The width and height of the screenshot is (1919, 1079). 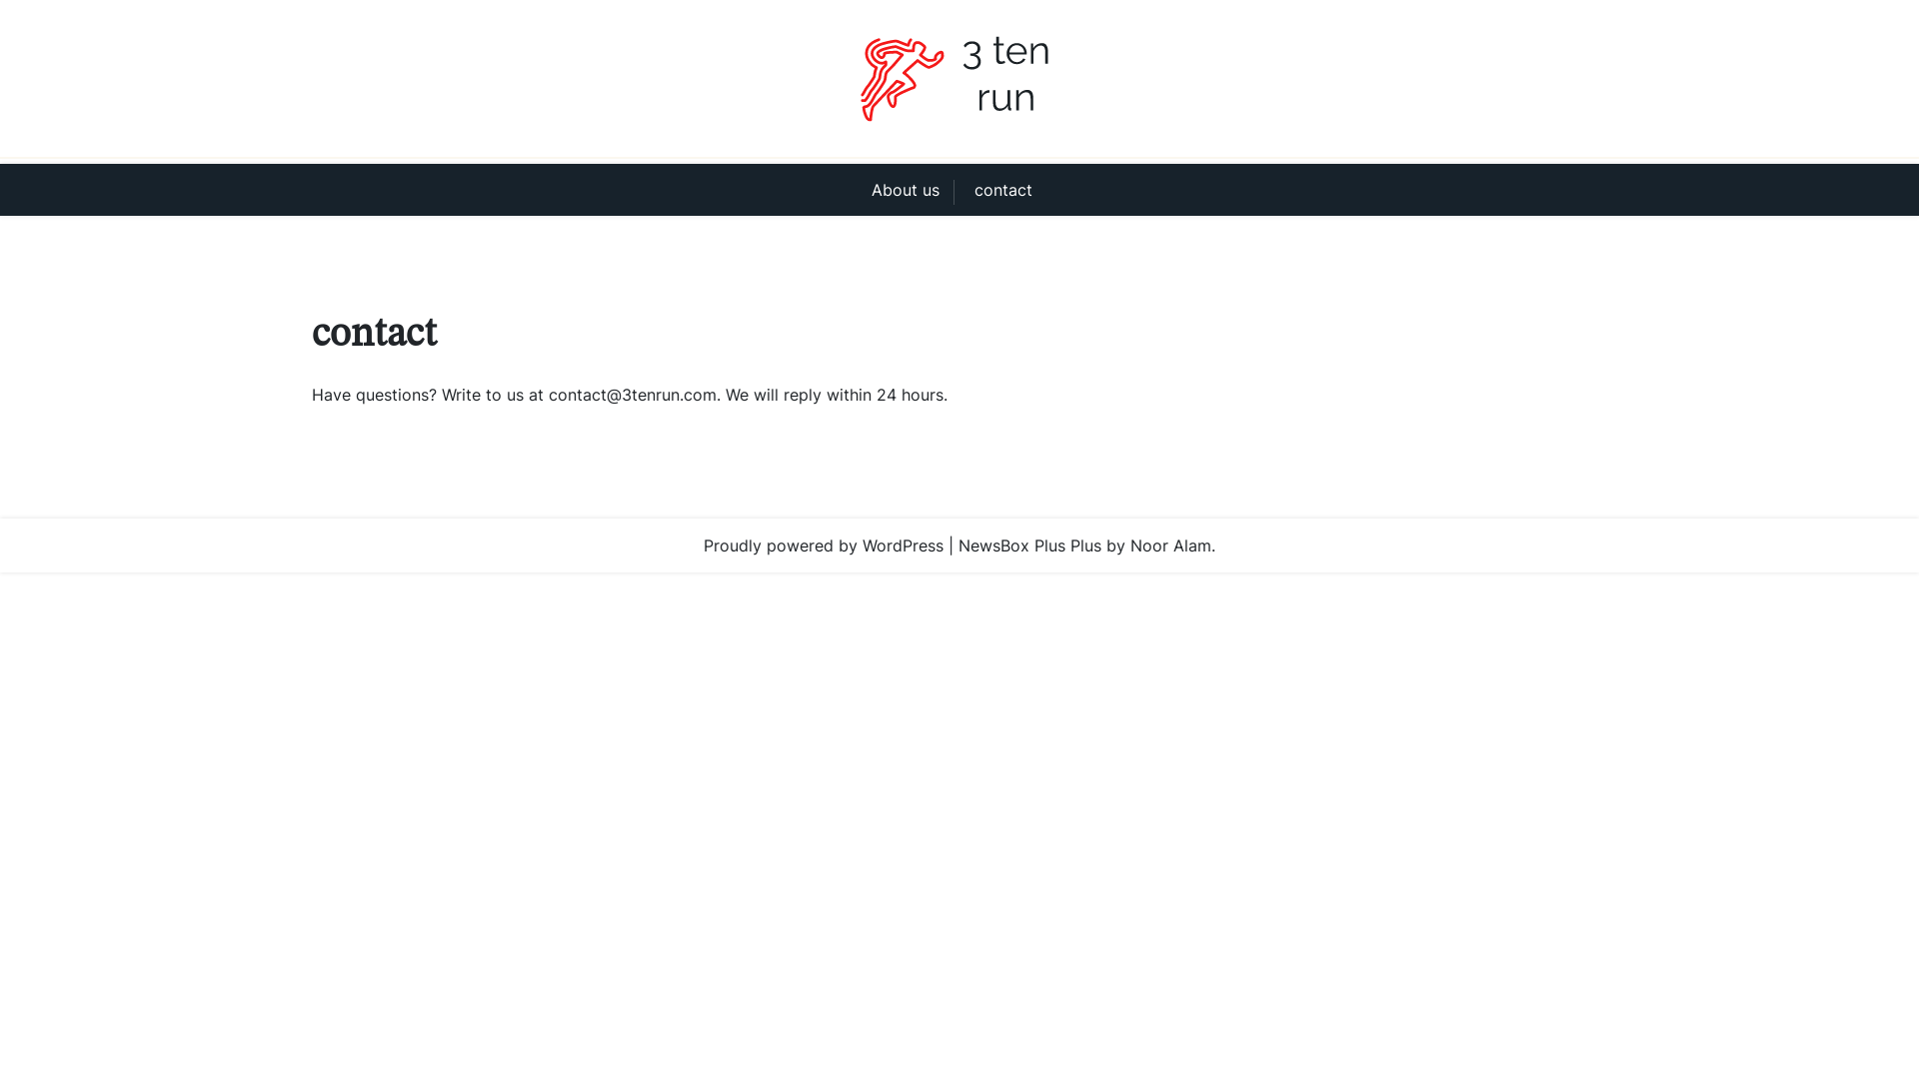 I want to click on 'NewsBox Plus Plus', so click(x=1029, y=545).